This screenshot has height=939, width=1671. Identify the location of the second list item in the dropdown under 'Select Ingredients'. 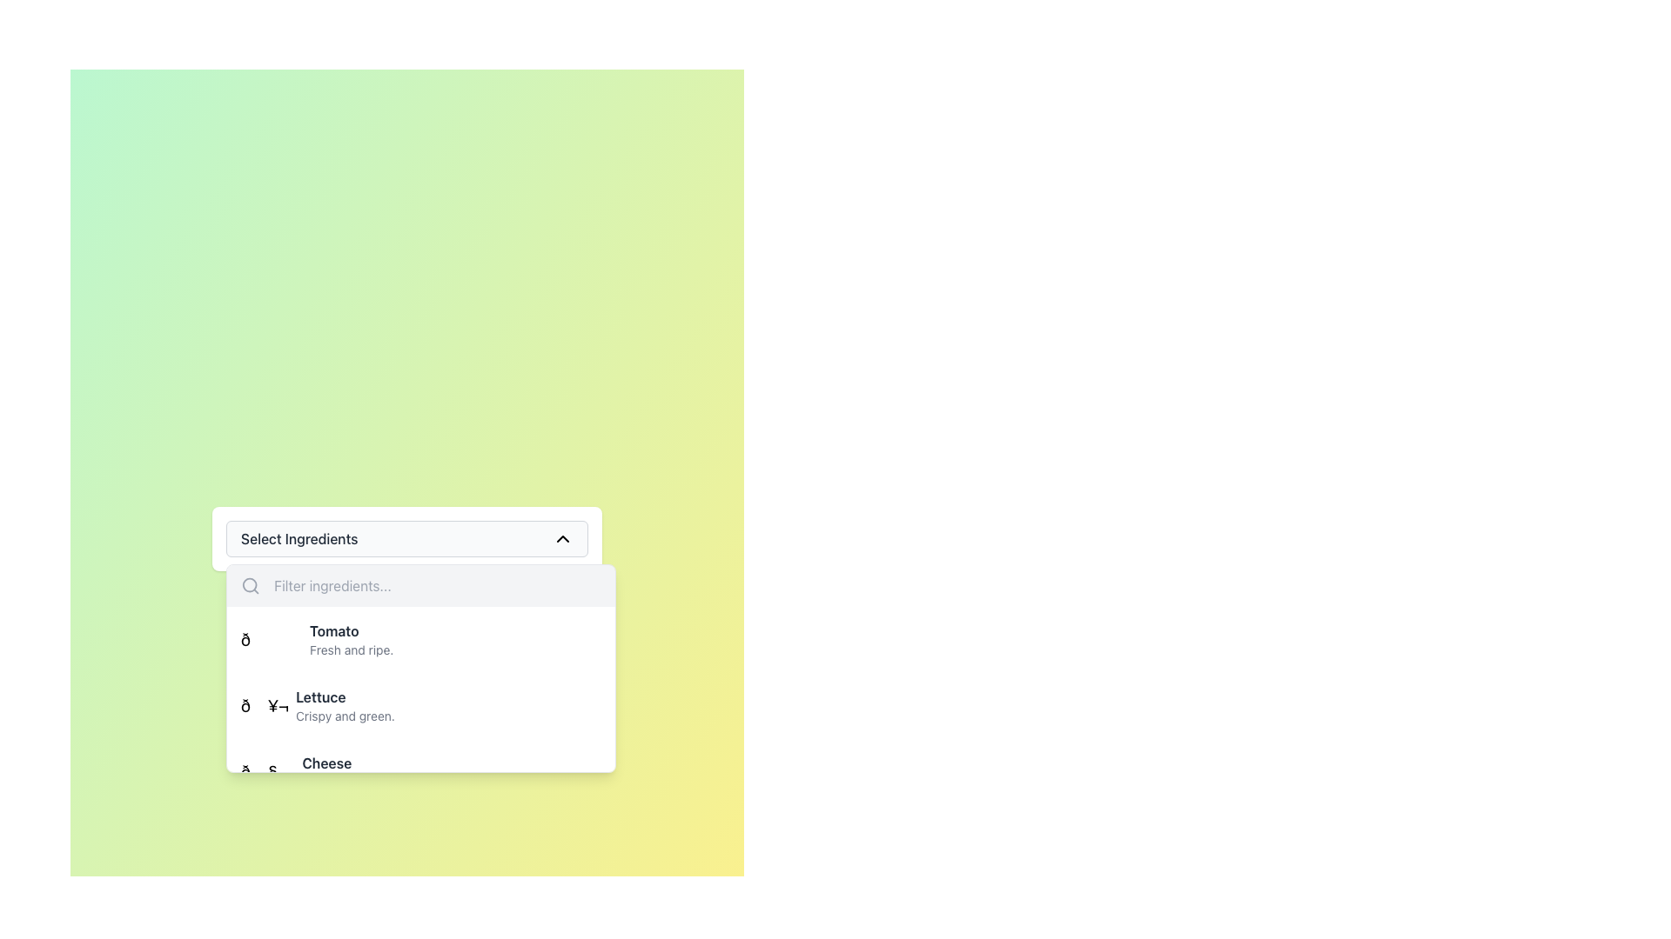
(318, 706).